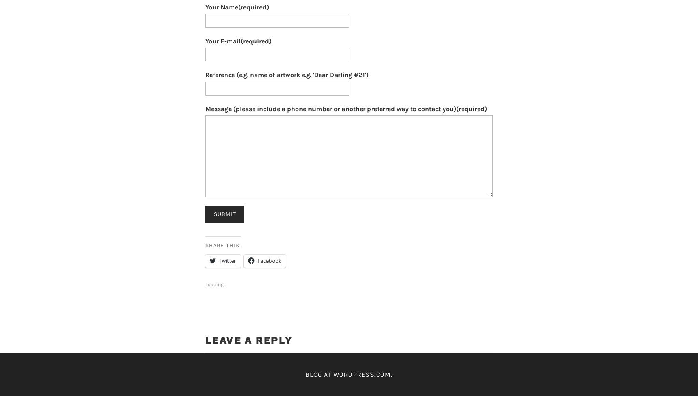  I want to click on 'Leave a Reply', so click(248, 339).